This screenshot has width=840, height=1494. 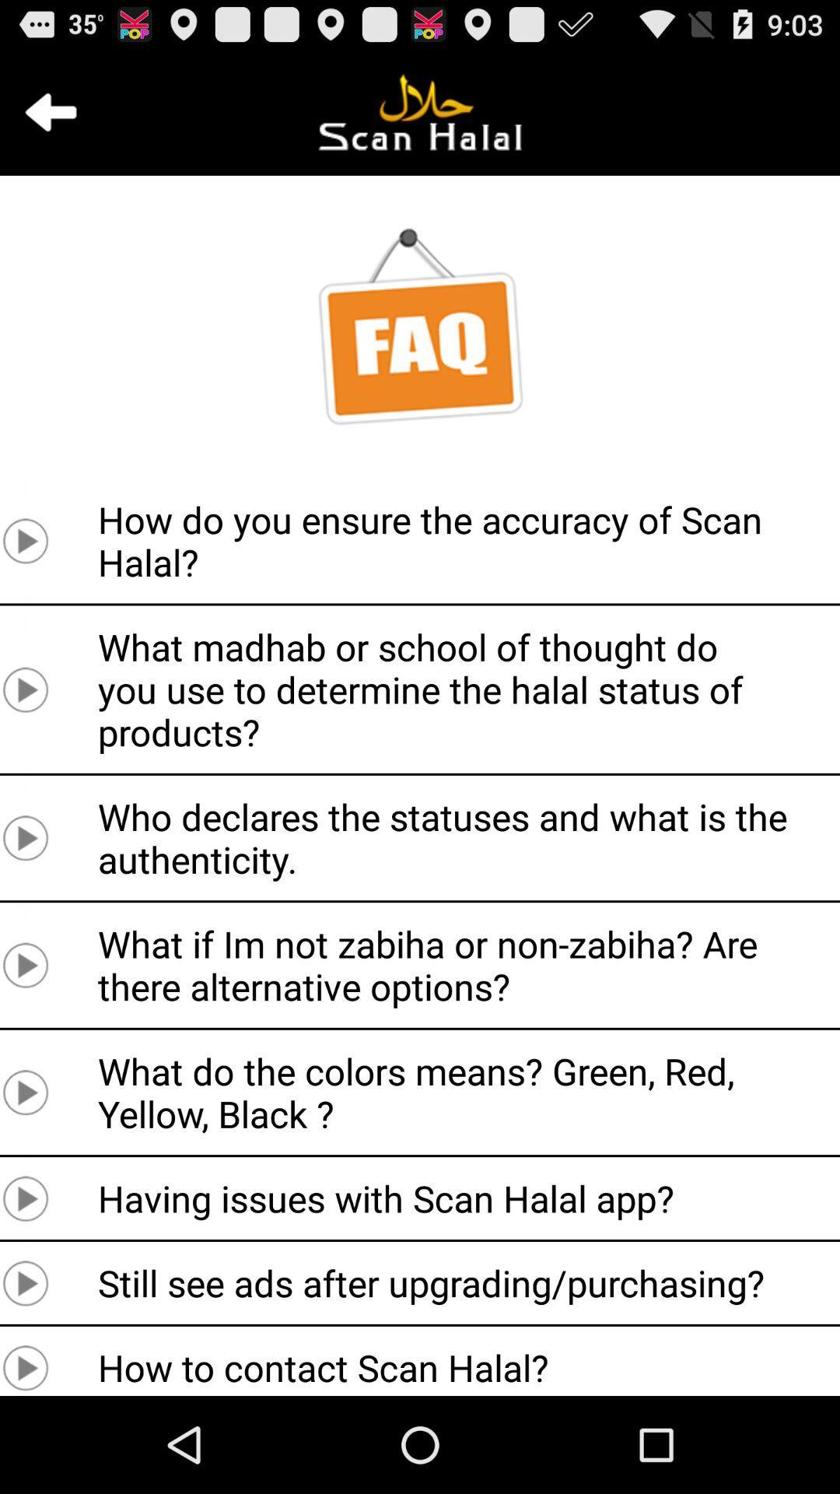 I want to click on the arrow_backward icon, so click(x=50, y=119).